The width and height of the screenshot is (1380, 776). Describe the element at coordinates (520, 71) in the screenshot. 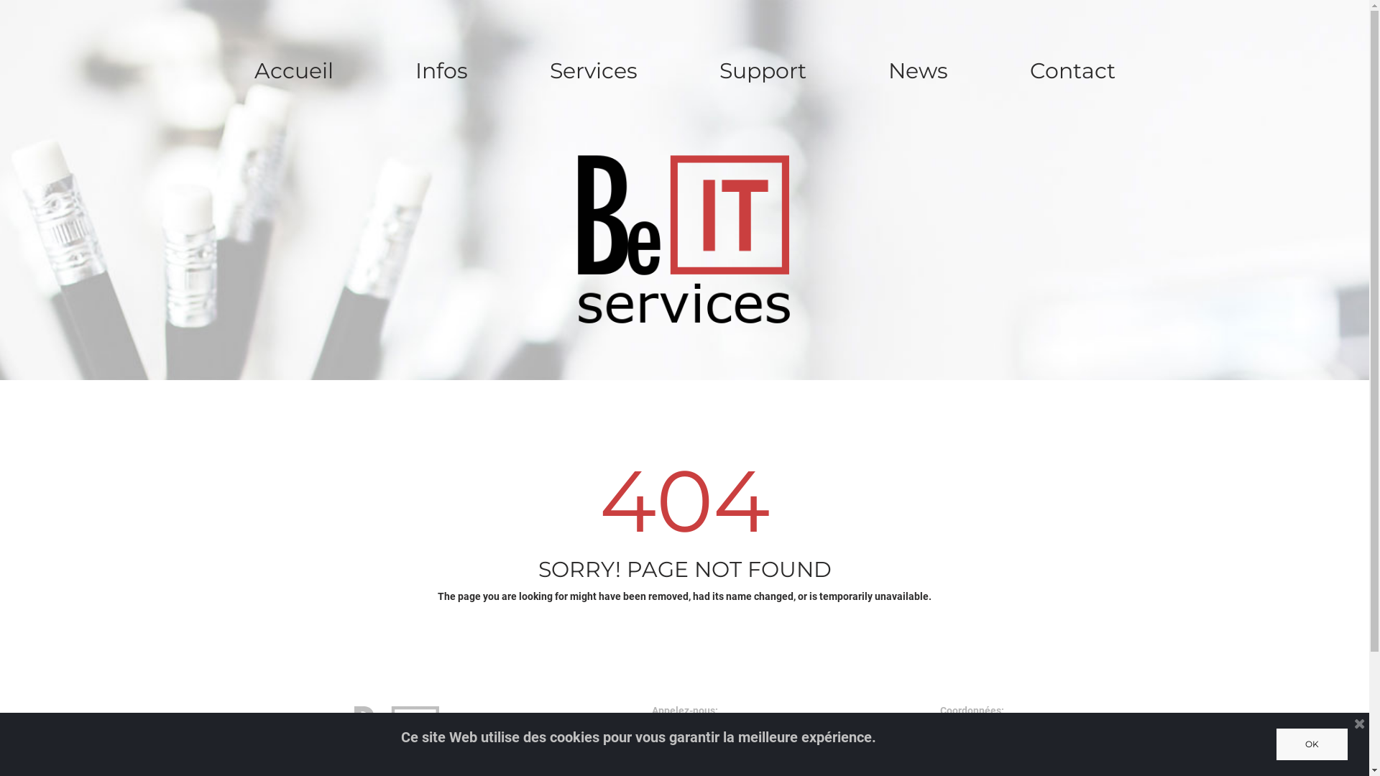

I see `'Services'` at that location.